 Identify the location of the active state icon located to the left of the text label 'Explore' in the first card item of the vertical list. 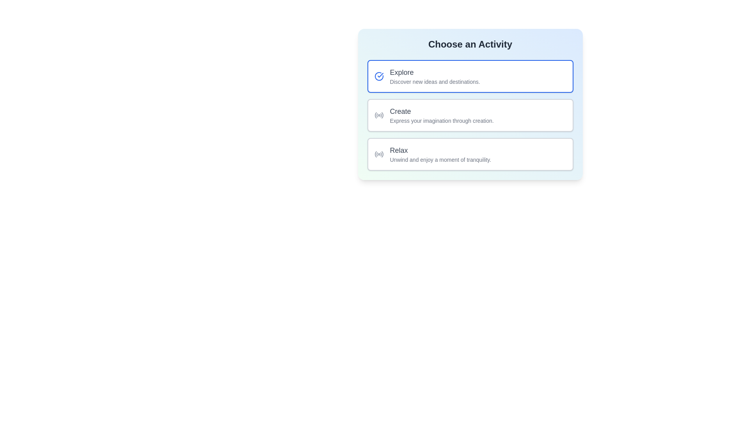
(379, 76).